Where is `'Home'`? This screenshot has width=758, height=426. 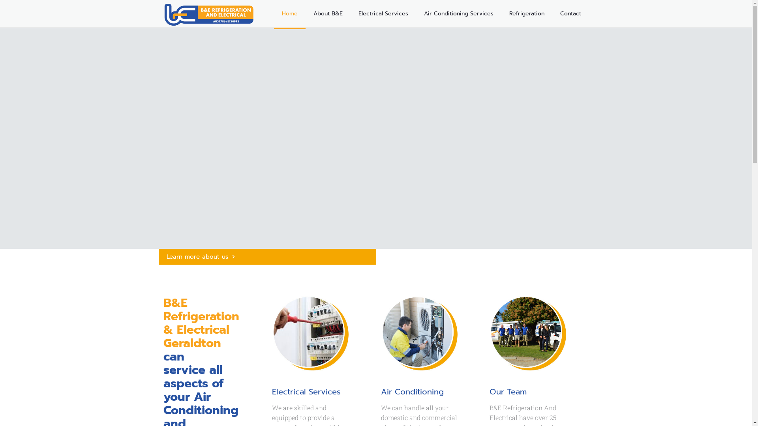 'Home' is located at coordinates (289, 13).